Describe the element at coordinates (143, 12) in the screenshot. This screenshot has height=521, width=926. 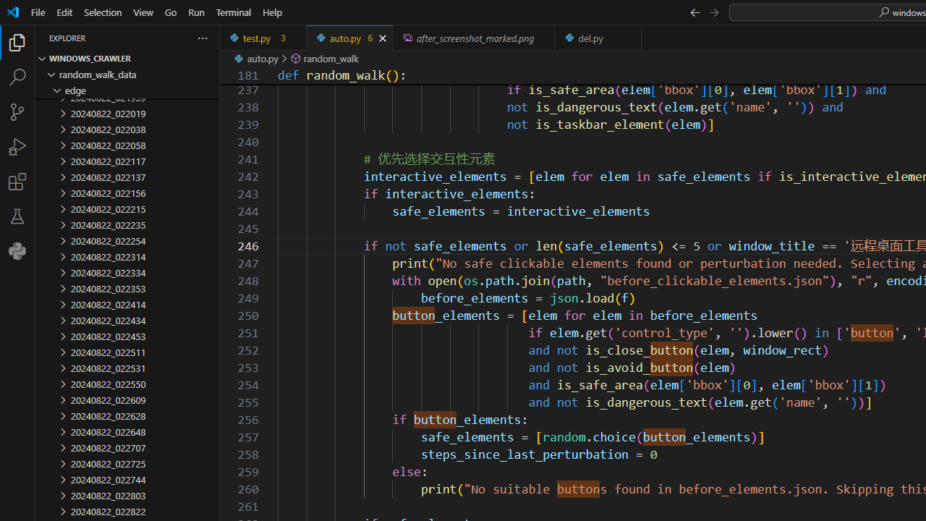
I see `'View'` at that location.